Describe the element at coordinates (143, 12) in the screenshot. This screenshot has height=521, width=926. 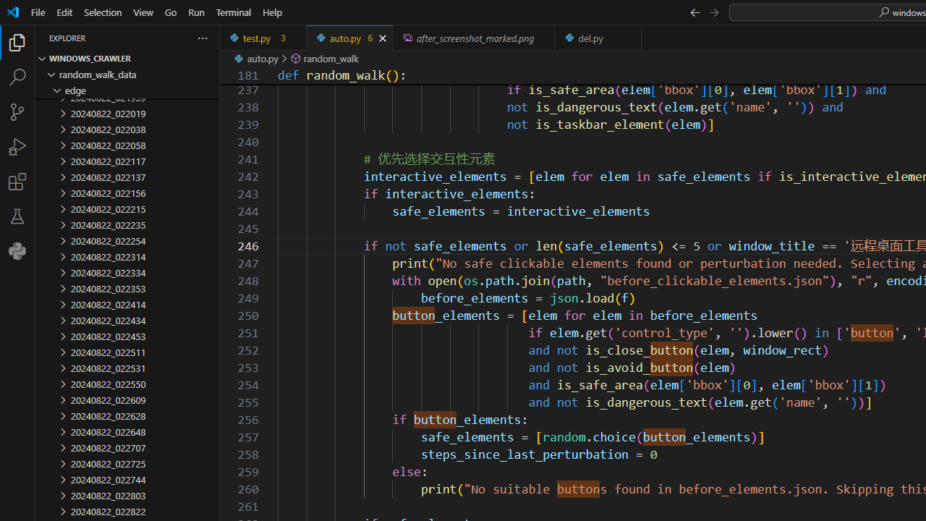
I see `'View'` at that location.